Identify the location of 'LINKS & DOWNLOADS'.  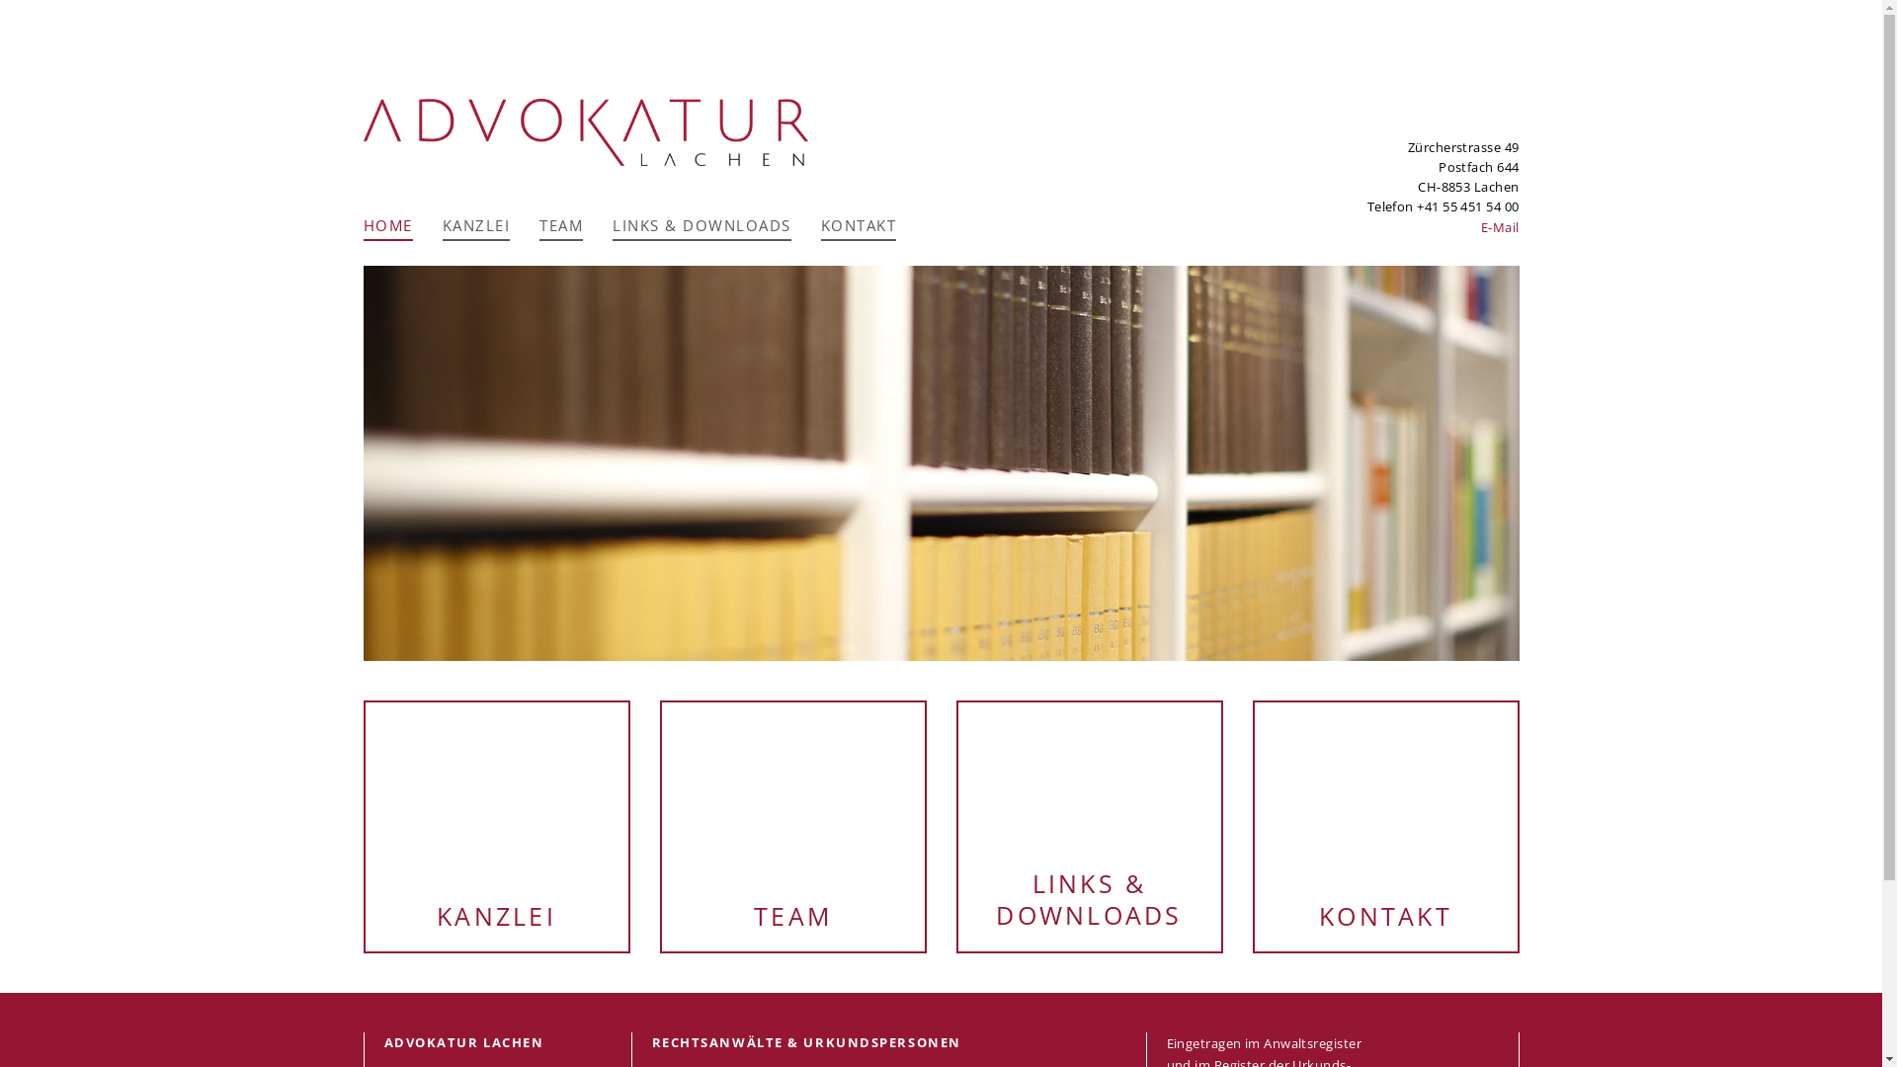
(701, 227).